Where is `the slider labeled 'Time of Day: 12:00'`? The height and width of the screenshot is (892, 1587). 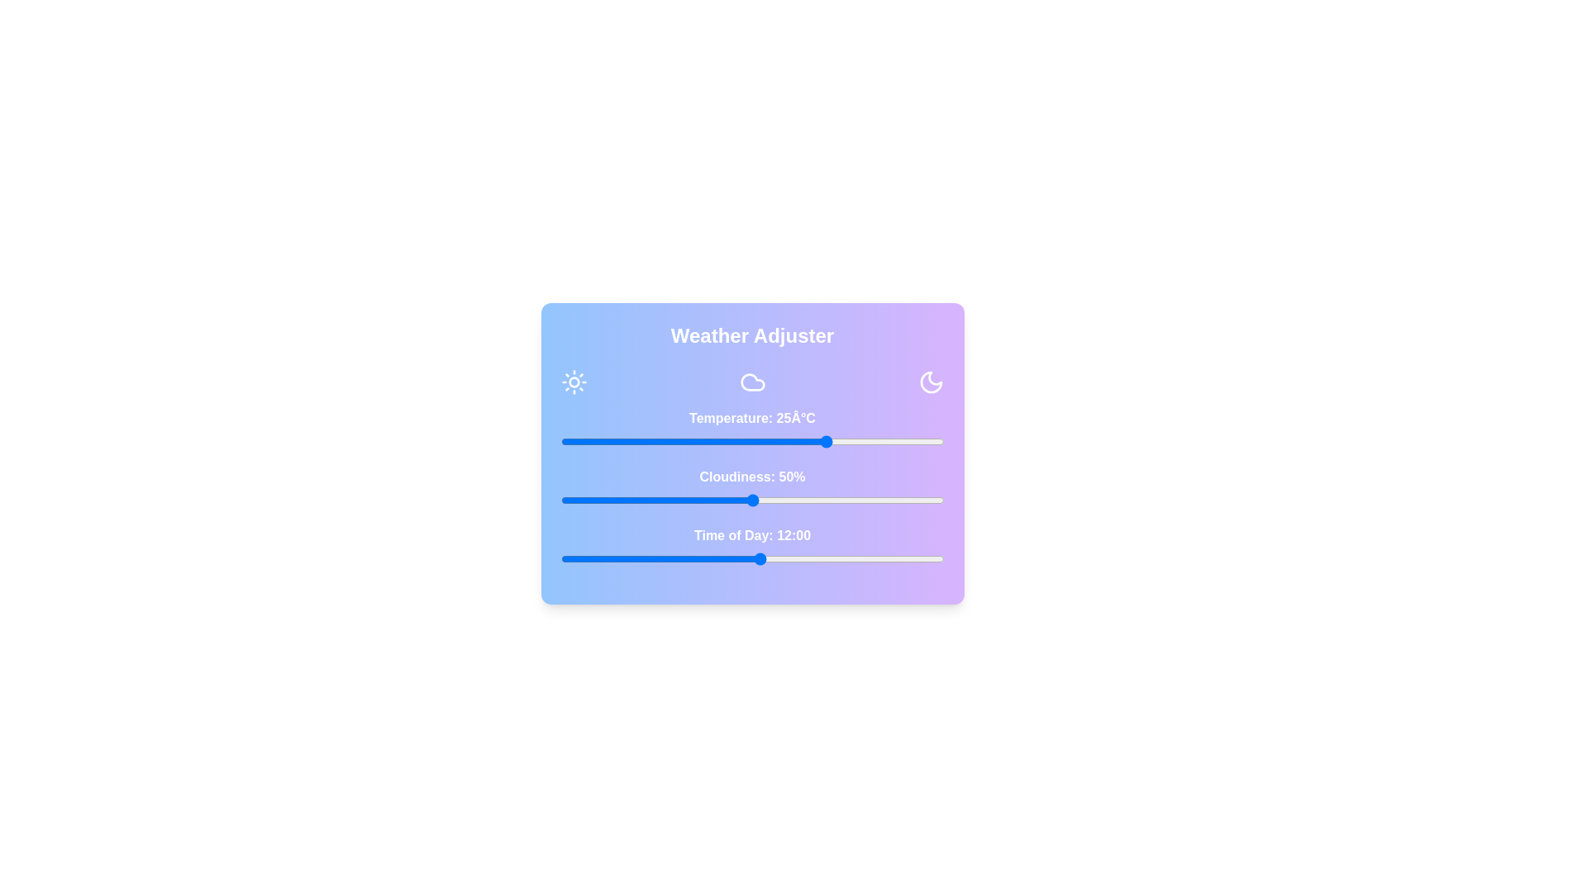
the slider labeled 'Time of Day: 12:00' is located at coordinates (751, 548).